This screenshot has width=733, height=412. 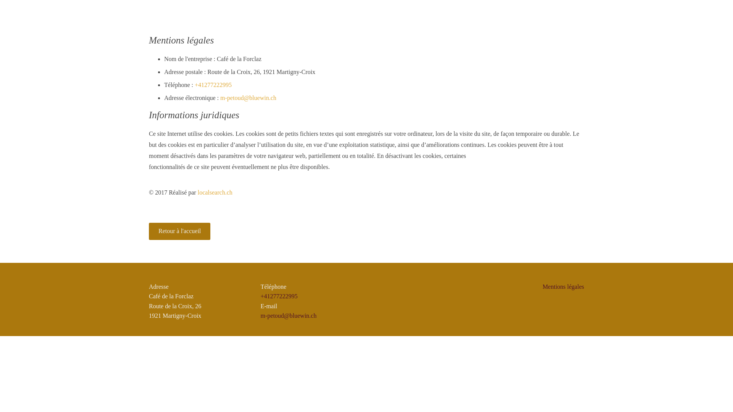 I want to click on 'm-petoud@bluewin.ch', so click(x=248, y=97).